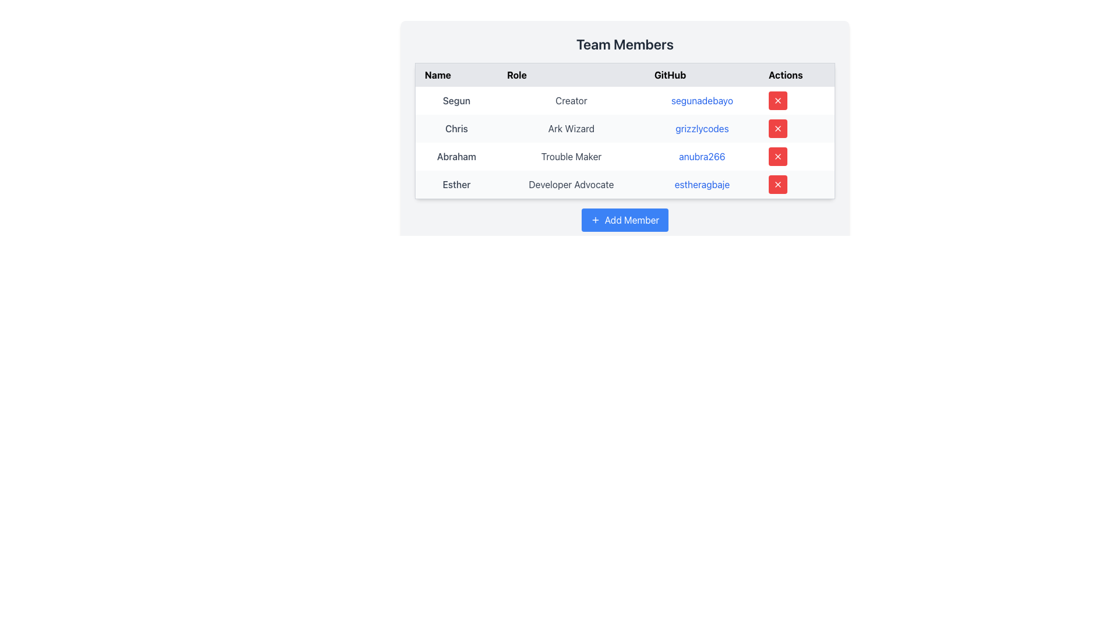 The image size is (1119, 629). Describe the element at coordinates (701, 128) in the screenshot. I see `the 'grizzlycodes' link styled in blue text with an underline located in the 'GitHub' column of the table for member Chris` at that location.